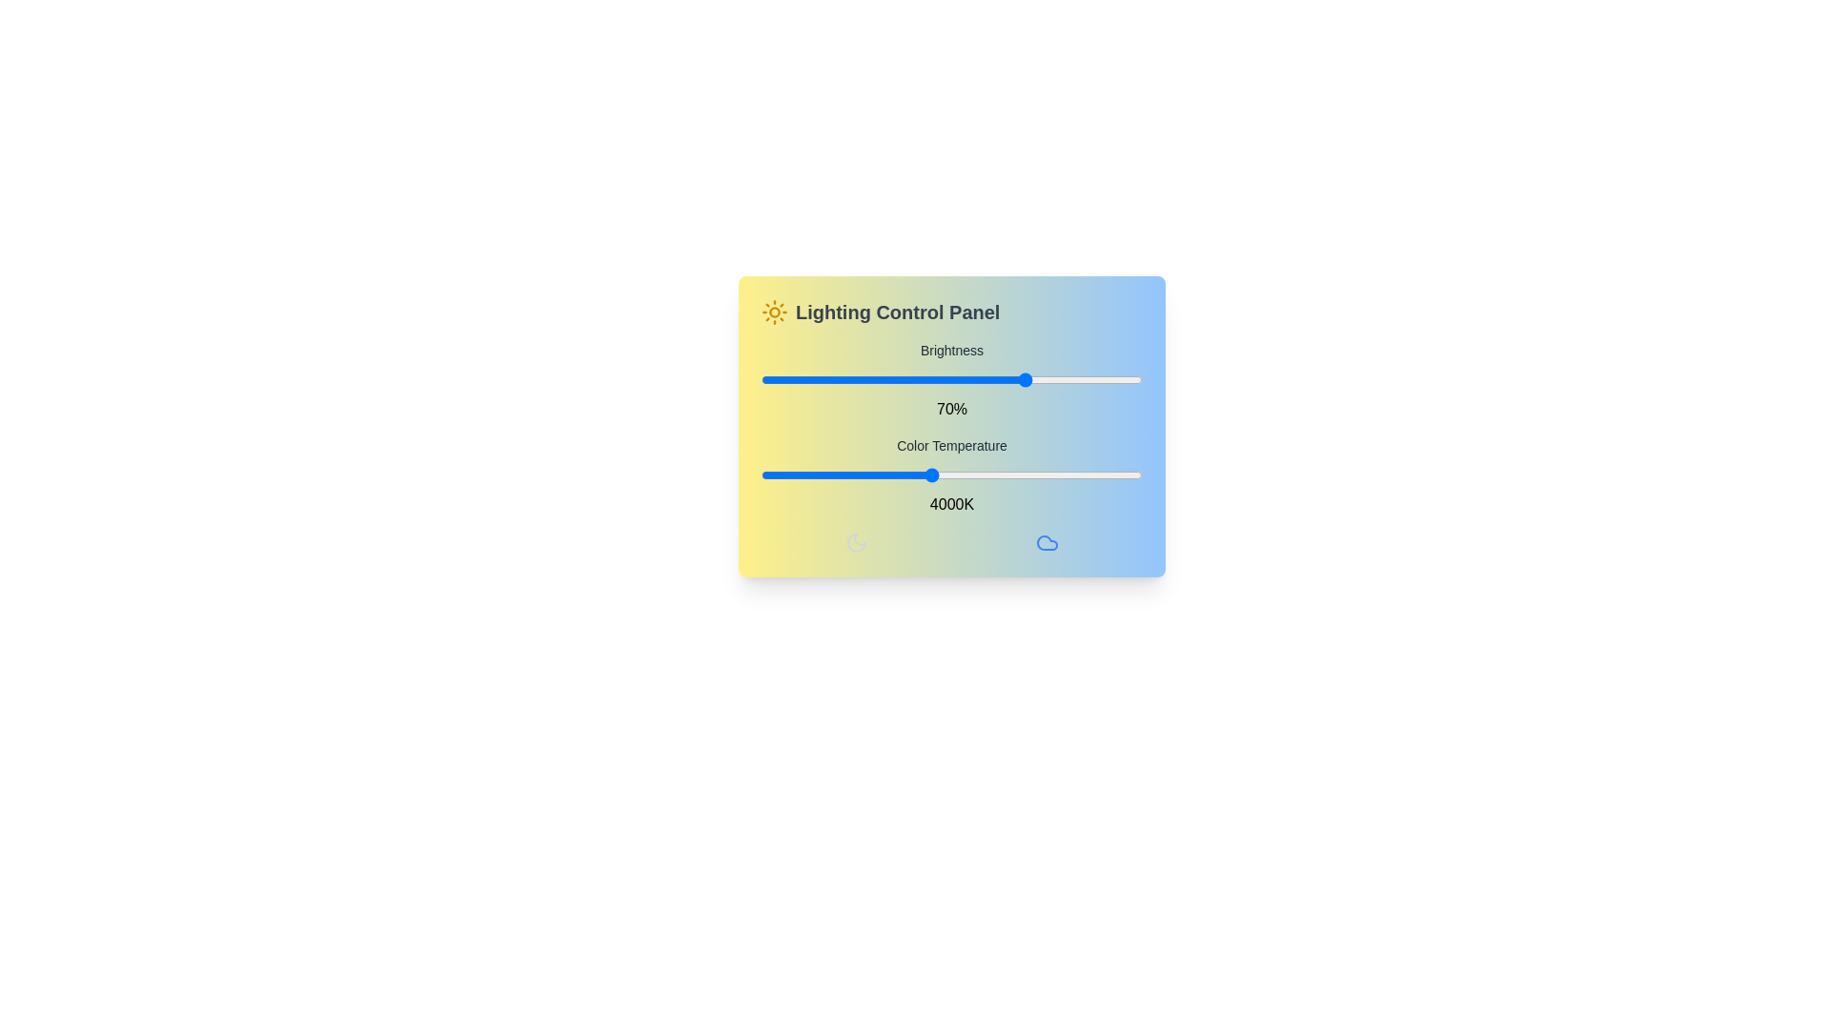  What do you see at coordinates (805, 474) in the screenshot?
I see `the color temperature slider to 2525 K` at bounding box center [805, 474].